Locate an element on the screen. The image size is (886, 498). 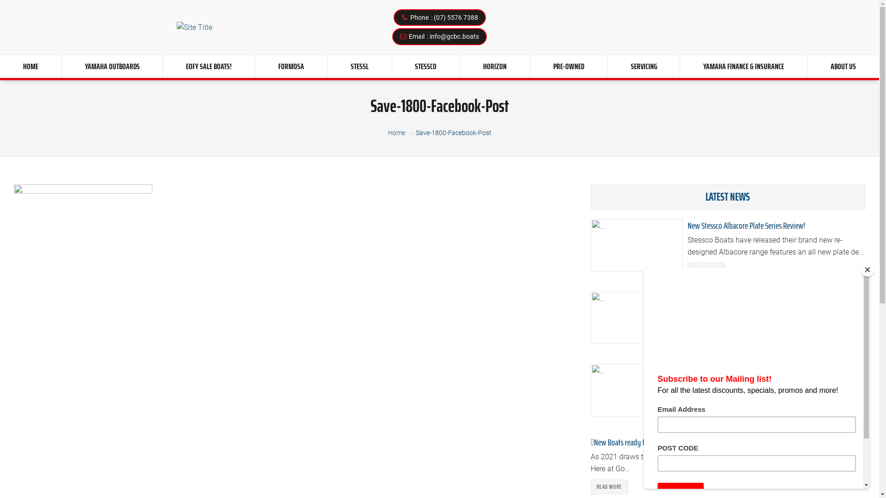
'HOME' is located at coordinates (30, 65).